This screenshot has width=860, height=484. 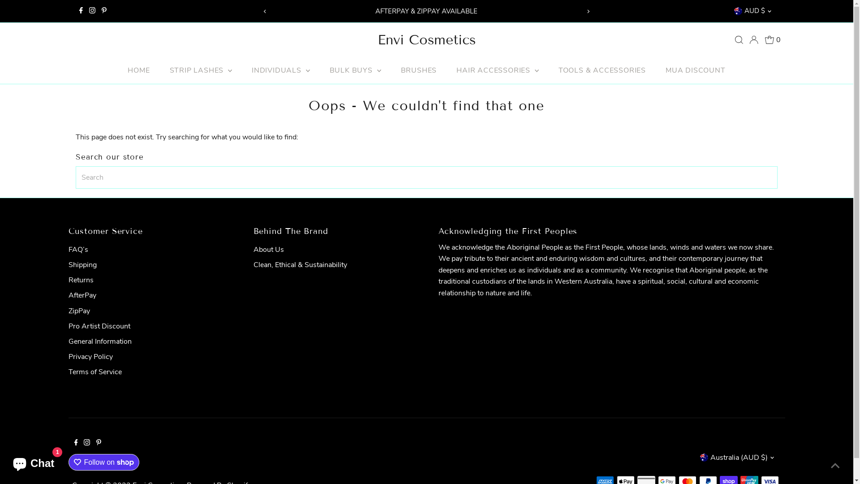 What do you see at coordinates (81, 279) in the screenshot?
I see `'Returns'` at bounding box center [81, 279].